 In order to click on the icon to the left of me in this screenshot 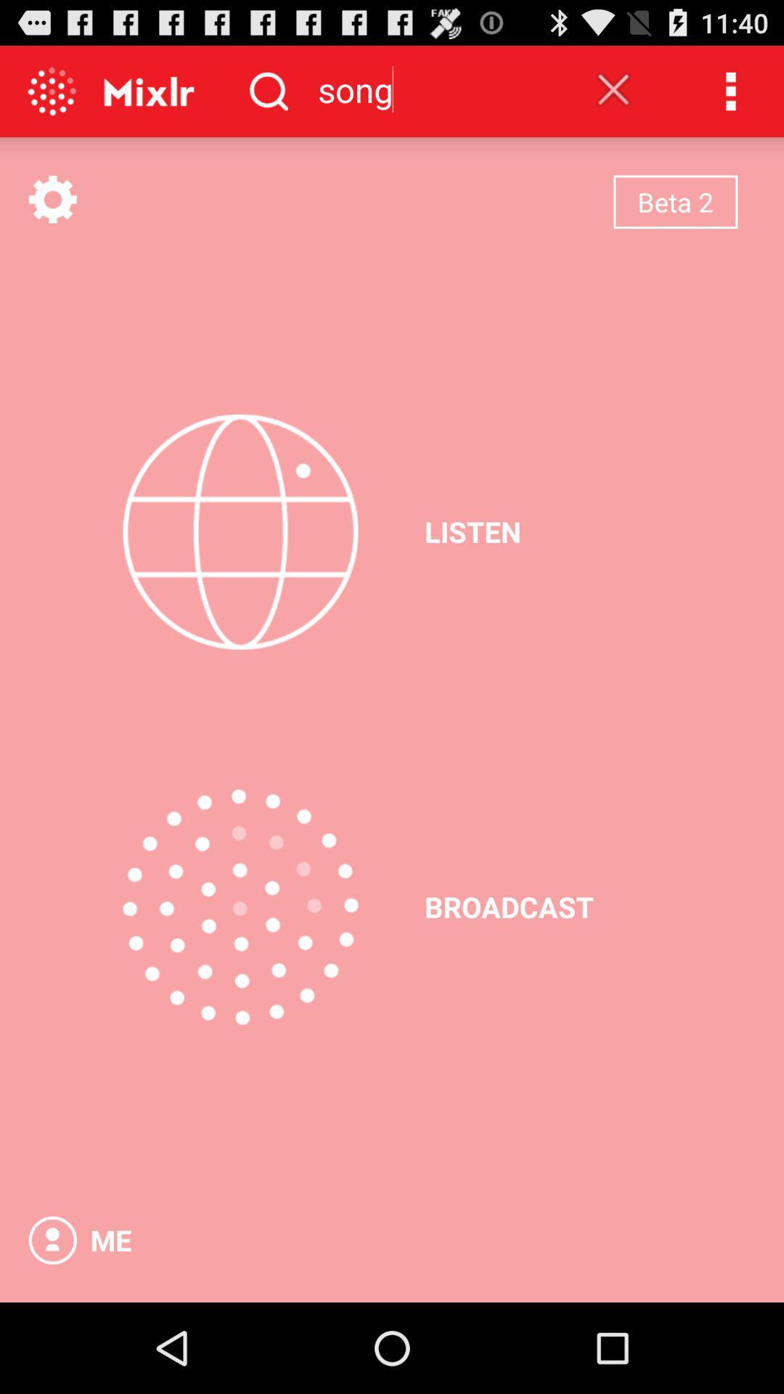, I will do `click(52, 1239)`.